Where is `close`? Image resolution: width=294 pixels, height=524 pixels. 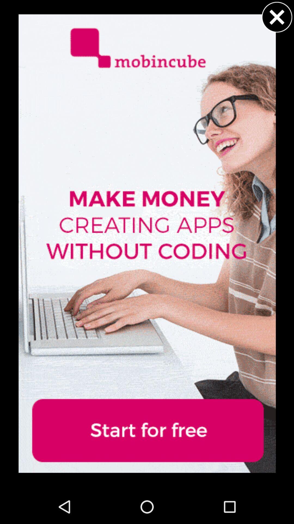 close is located at coordinates (277, 17).